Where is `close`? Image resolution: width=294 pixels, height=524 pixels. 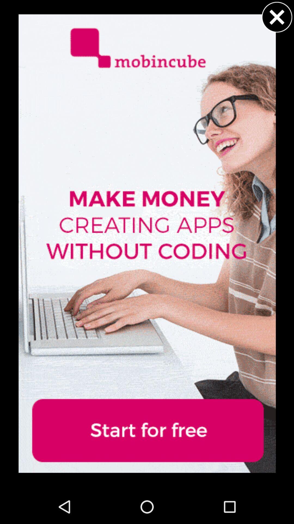 close is located at coordinates (277, 17).